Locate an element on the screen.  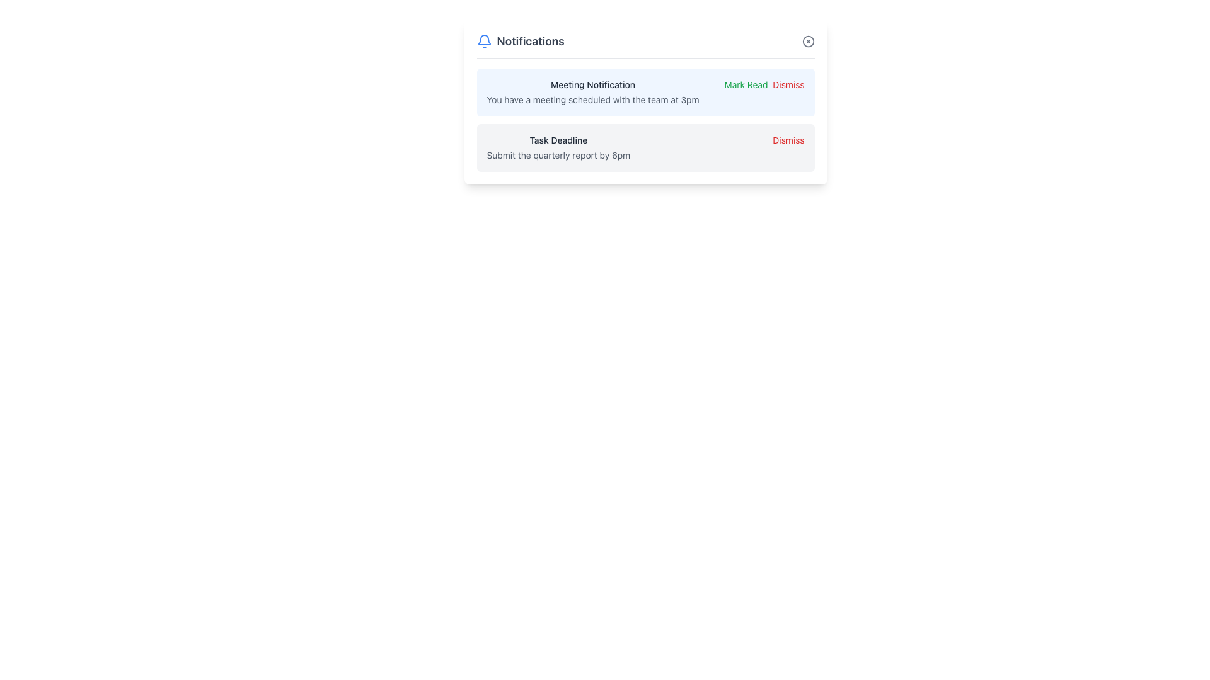
the button located in the top-right corner of the Notifications header is located at coordinates (808, 40).